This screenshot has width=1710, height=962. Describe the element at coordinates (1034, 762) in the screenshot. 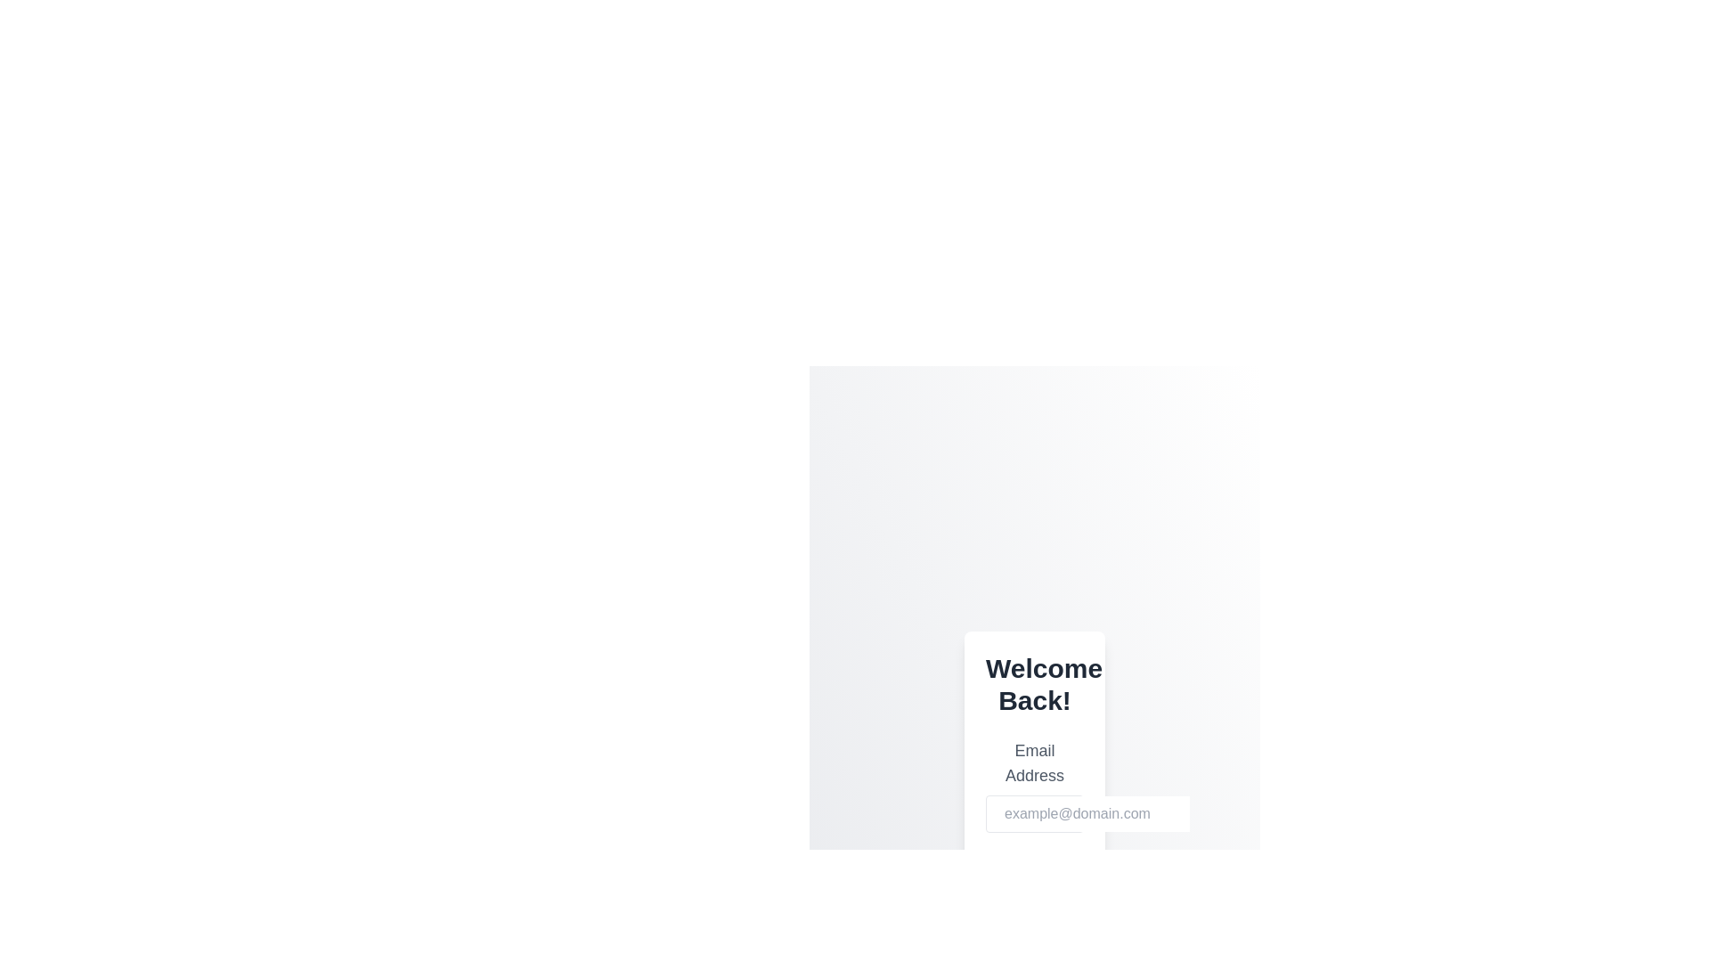

I see `the 'Email Address' text label, which is styled in block format and positioned above the input field` at that location.